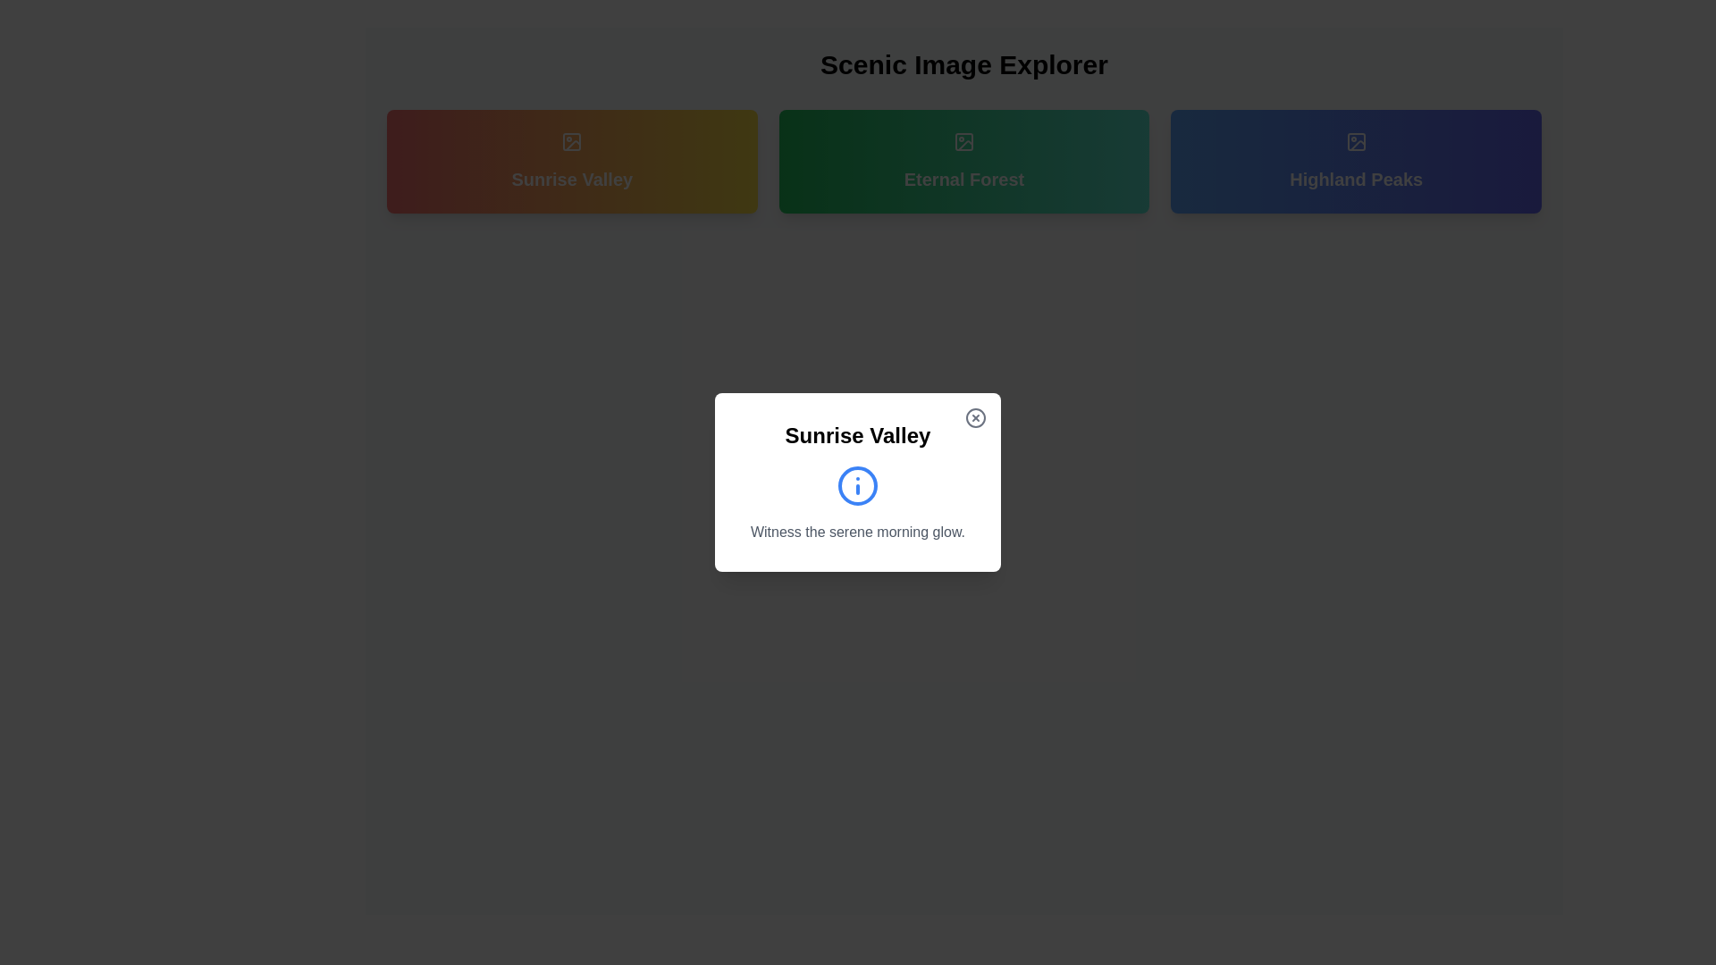  What do you see at coordinates (858, 532) in the screenshot?
I see `the text label providing descriptive information about 'Sunrise Valley' located in the modal dialog box, positioned below the blue icon and the text 'Sunrise Valley'` at bounding box center [858, 532].